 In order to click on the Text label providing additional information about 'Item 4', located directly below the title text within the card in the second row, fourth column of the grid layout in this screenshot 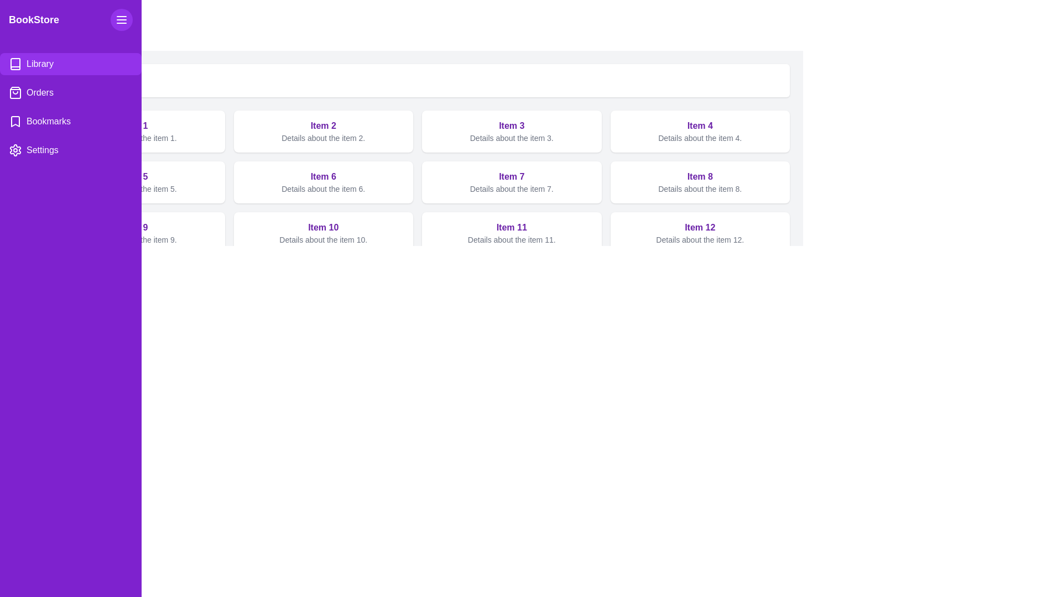, I will do `click(699, 138)`.